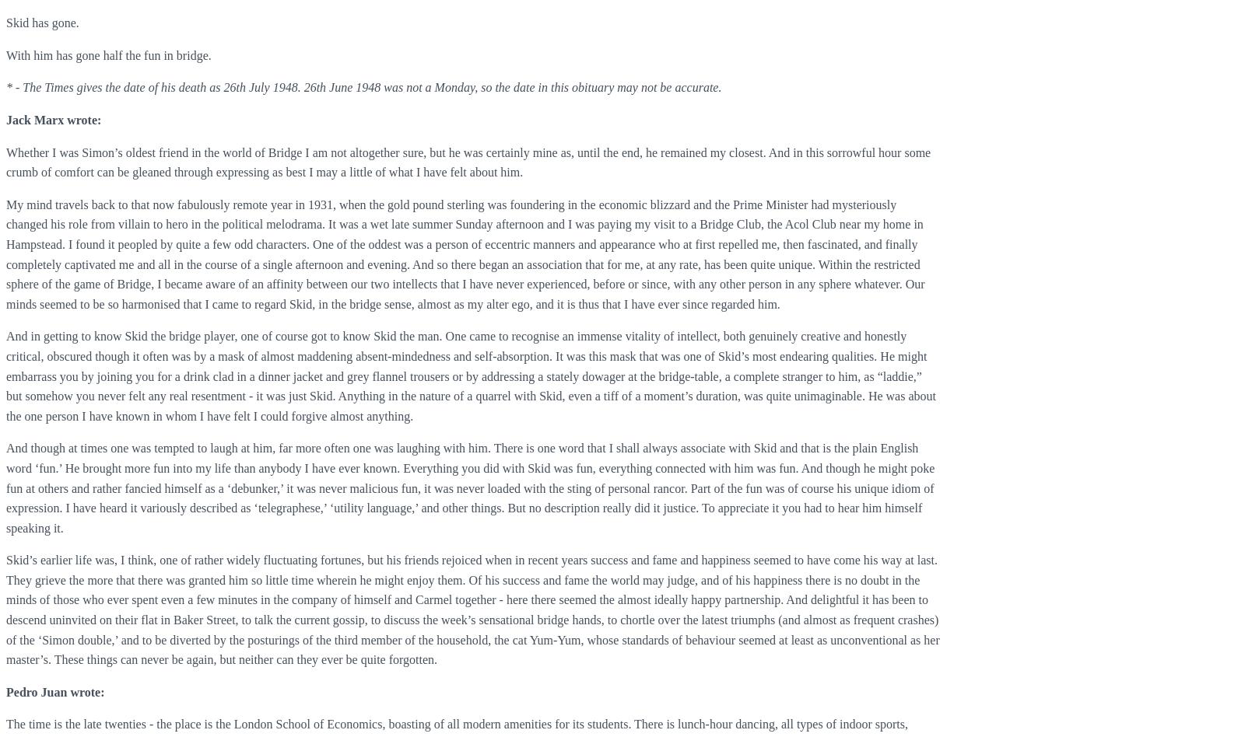  What do you see at coordinates (472, 610) in the screenshot?
I see `'Skid’s earlier life was, I think, one of rather widely fluctuating fortunes, but his friends rejoiced when in recent years success and fame and happiness seemed to have come his way at last.  They grieve the more that there was granted him so little time wherein he might enjoy them.  Of his success and fame the world may judge, and of his happiness there is no doubt in the minds of those who ever spent even a few minutes in the company of himself and Carmel together - here there seemed the almost ideally happy partnership.  And delightful it has been to descend uninvited on their flat in Baker Street, to talk the current gossip, to discuss the week’s sensational bridge hands, to chortle over the latest triumphs (and almost as frequent crashes) of the ‘Simon double,’ and to be diverted by the posturings of the third member of the household, the cat Yum-Yum, whose standards of behaviour seemed at least as unconventional as her master’s.  These things can never be again, but neither can they ever be quite forgotten.'` at bounding box center [472, 610].